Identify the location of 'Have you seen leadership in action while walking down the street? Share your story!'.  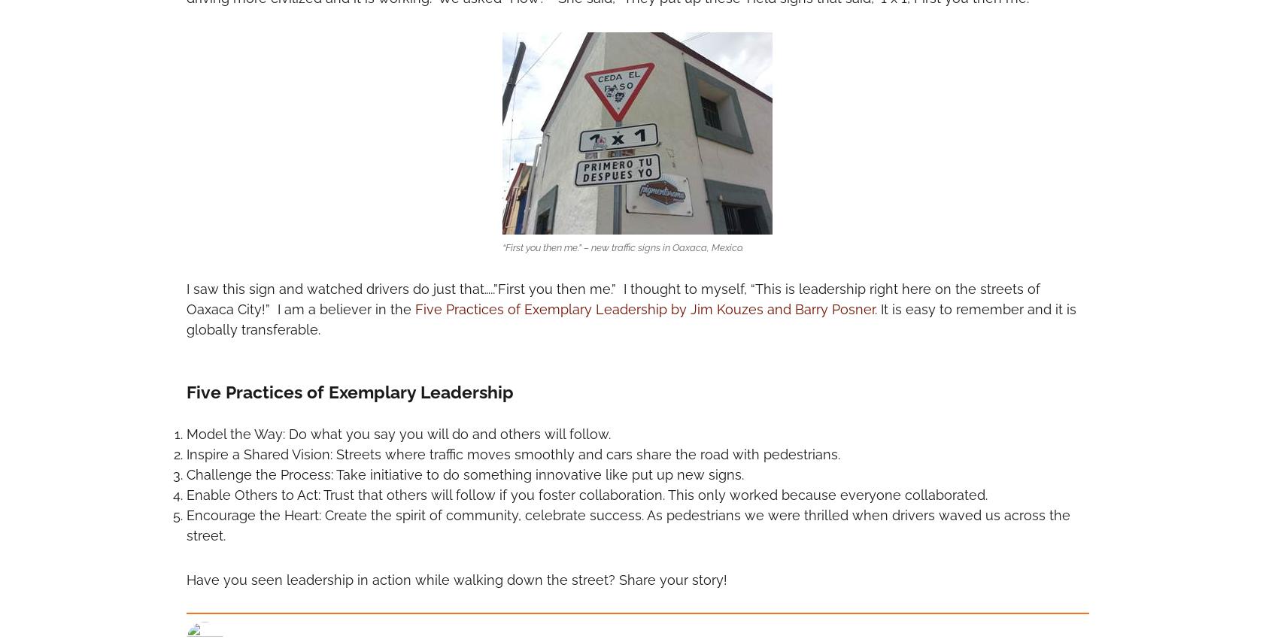
(455, 578).